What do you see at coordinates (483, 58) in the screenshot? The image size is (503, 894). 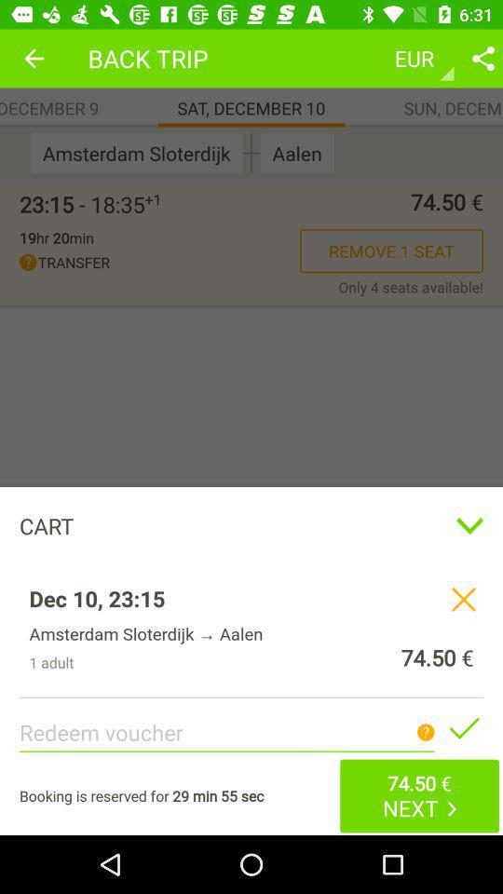 I see `app settings` at bounding box center [483, 58].